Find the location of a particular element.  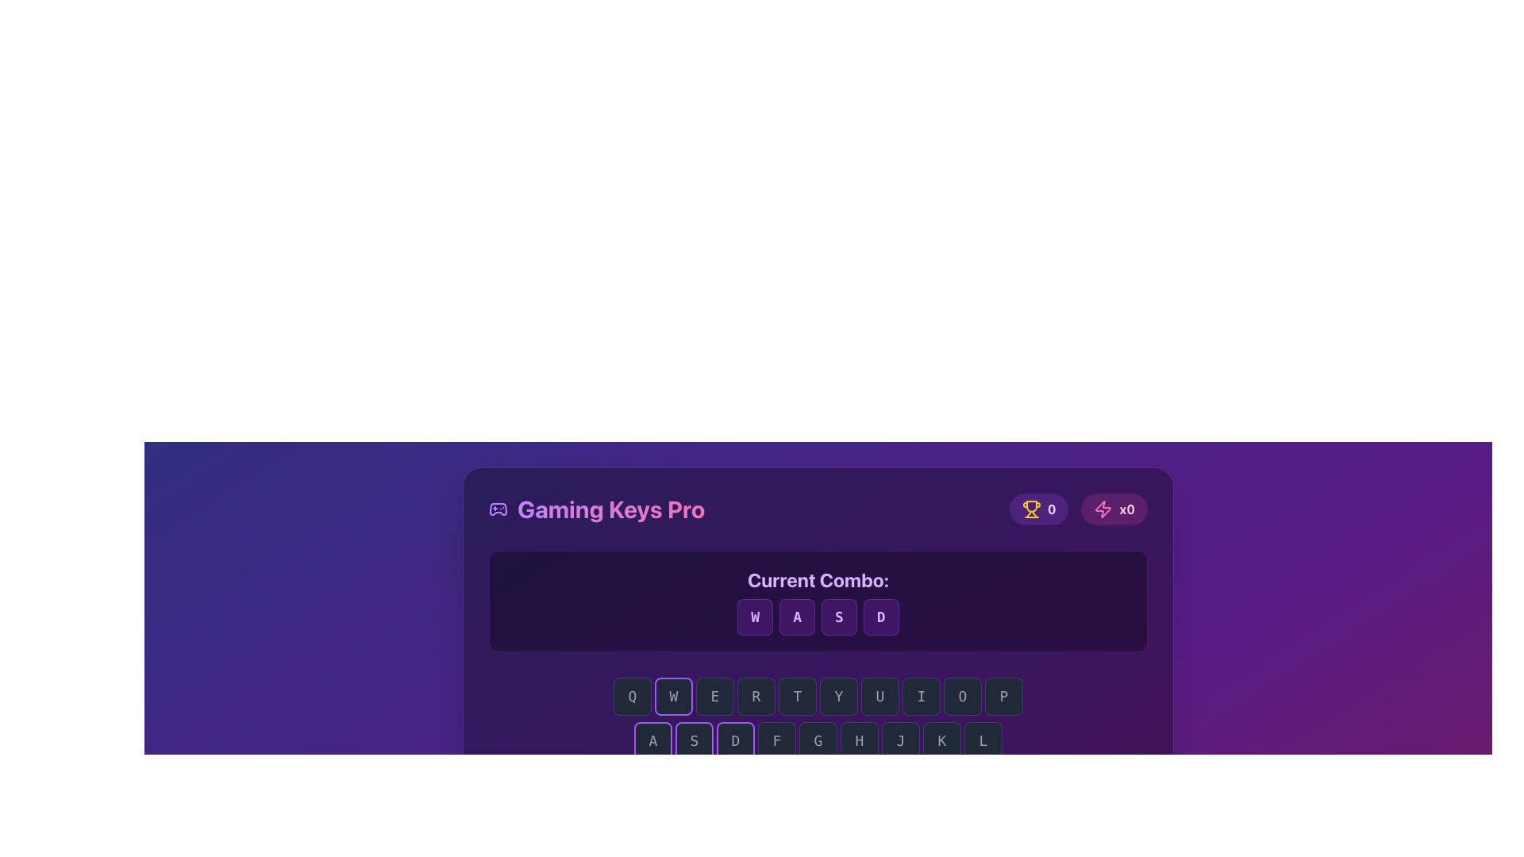

the gamepad-shaped icon, which is the central graphical element in the icon group near the 'Gaming Keys Pro' section header is located at coordinates (498, 509).